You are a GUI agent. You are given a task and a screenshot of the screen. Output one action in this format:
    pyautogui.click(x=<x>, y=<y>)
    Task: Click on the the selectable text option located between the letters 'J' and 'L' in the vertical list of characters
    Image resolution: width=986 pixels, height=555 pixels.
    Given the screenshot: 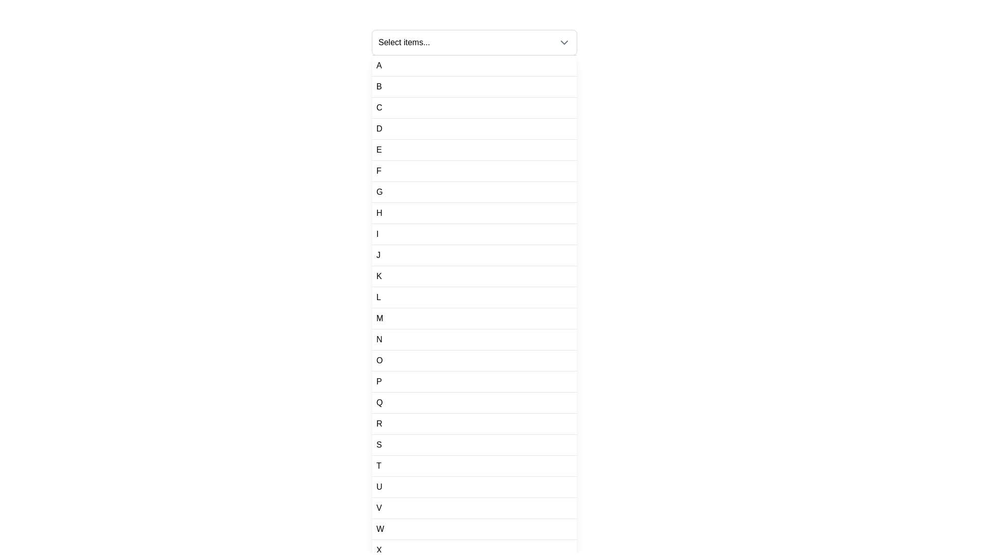 What is the action you would take?
    pyautogui.click(x=378, y=275)
    